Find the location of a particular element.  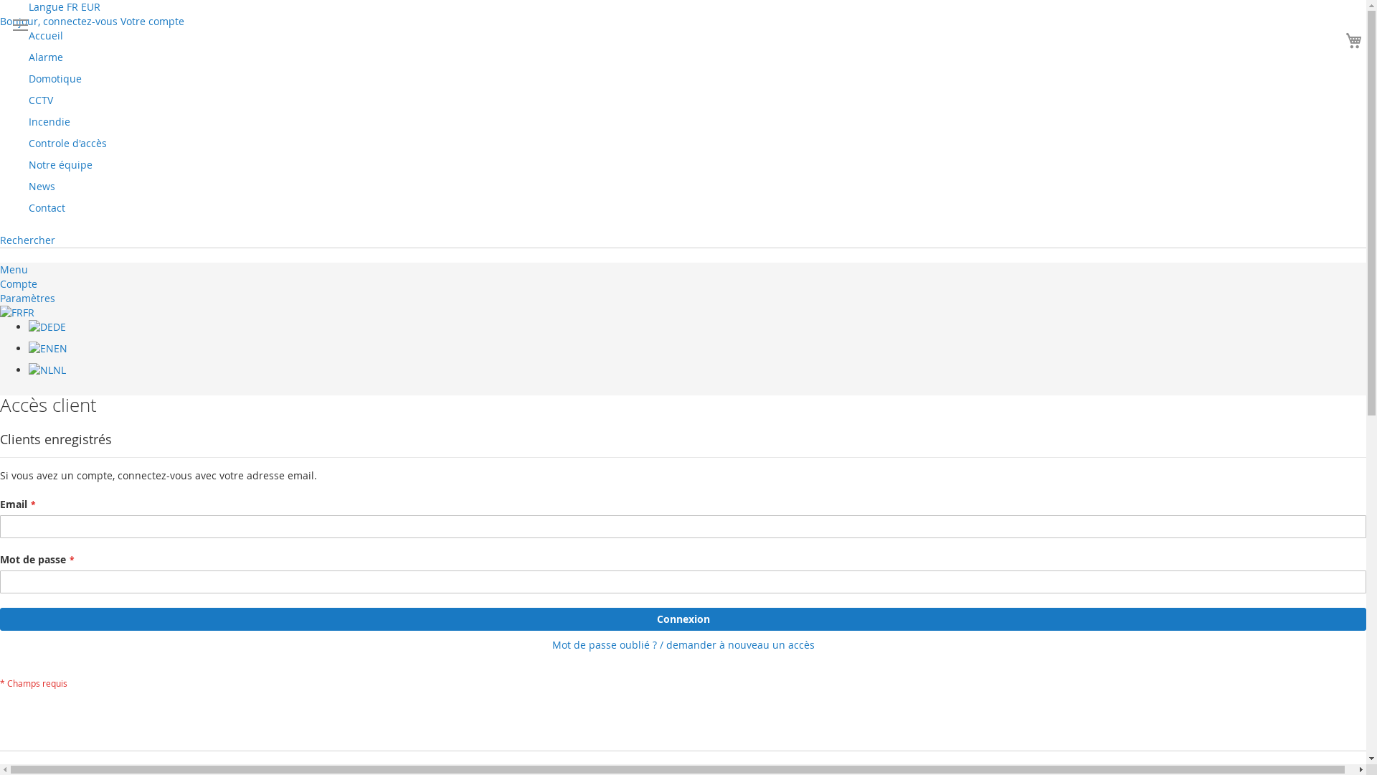

'EN' is located at coordinates (48, 348).